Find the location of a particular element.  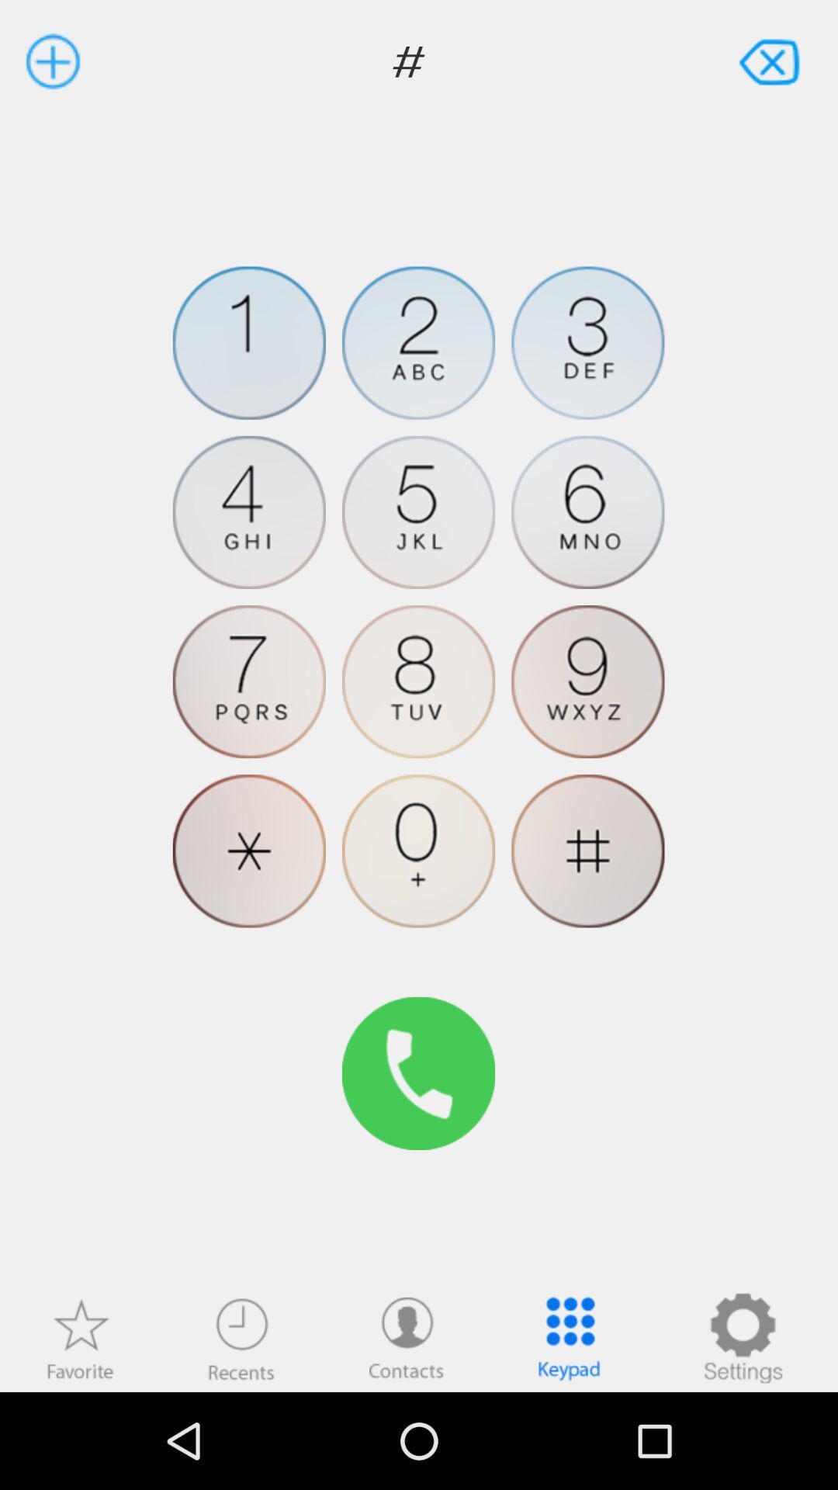

to close the dial pad is located at coordinates (771, 61).